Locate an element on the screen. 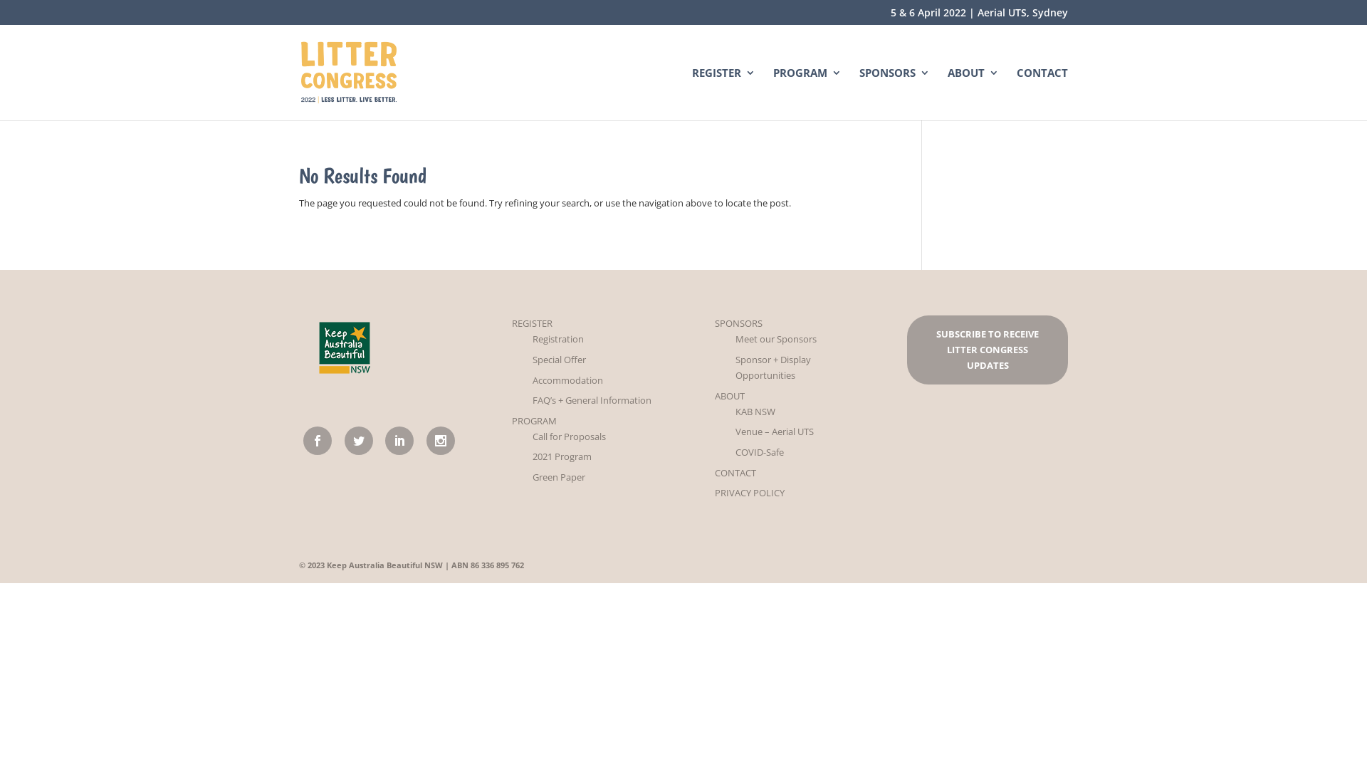 The image size is (1367, 769). 'REGISTER' is located at coordinates (512, 323).